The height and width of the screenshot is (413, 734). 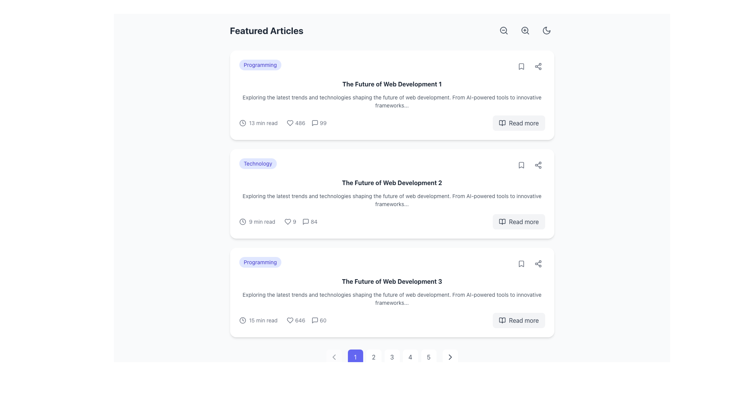 I want to click on the numbered button with the text '3', which is styled as a rounded square and is the third button in a horizontal pagination control group, so click(x=392, y=357).